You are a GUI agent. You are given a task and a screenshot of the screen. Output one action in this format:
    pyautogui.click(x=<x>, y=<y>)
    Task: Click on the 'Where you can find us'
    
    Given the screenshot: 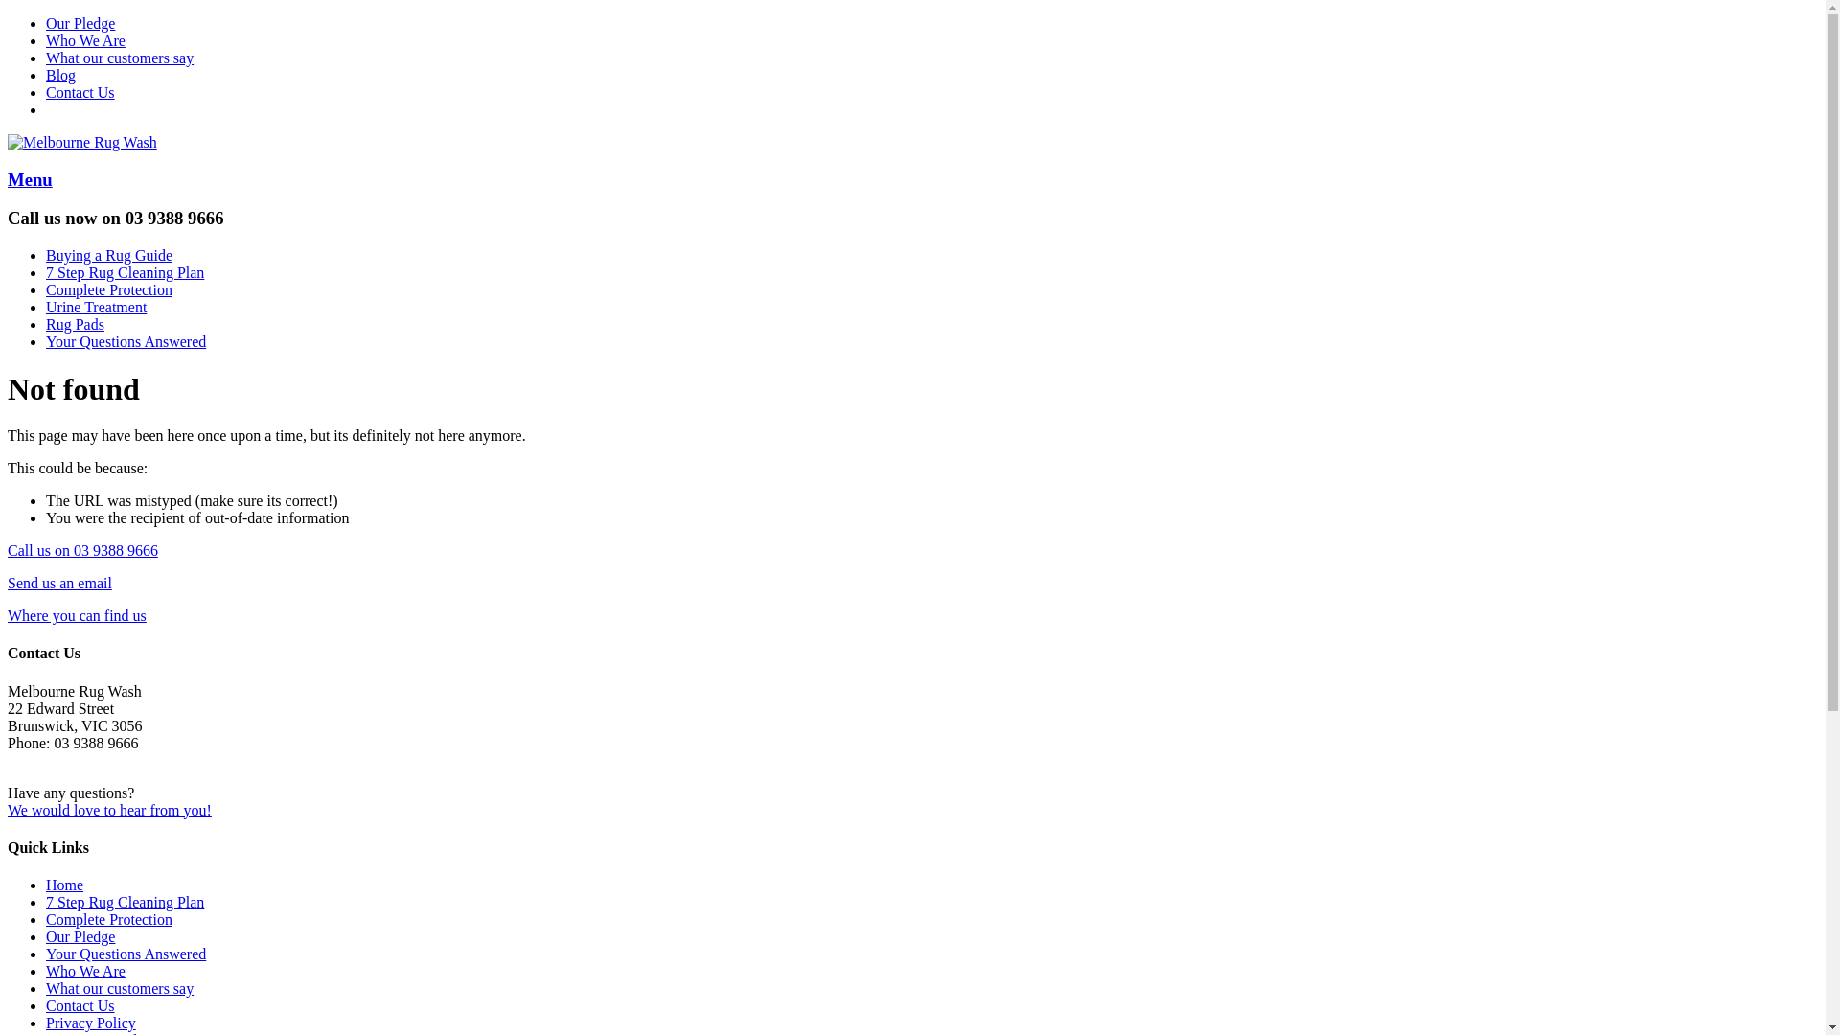 What is the action you would take?
    pyautogui.click(x=8, y=615)
    